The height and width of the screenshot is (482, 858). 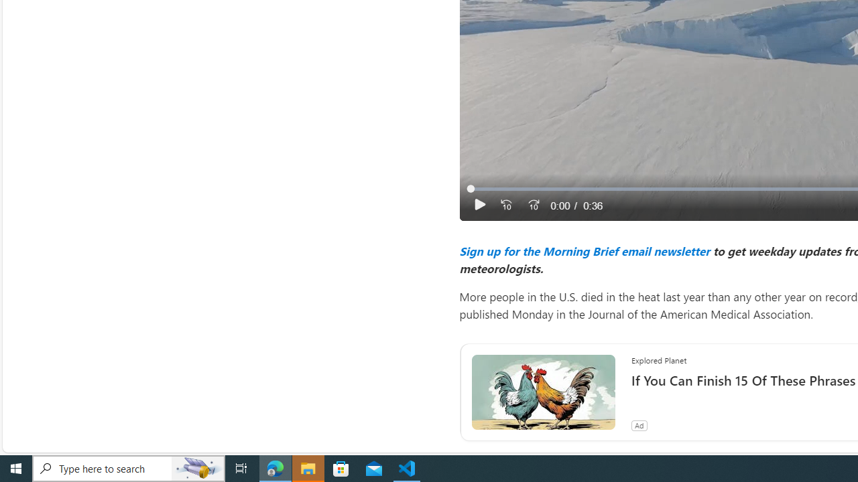 What do you see at coordinates (532, 205) in the screenshot?
I see `'Seek Forward'` at bounding box center [532, 205].